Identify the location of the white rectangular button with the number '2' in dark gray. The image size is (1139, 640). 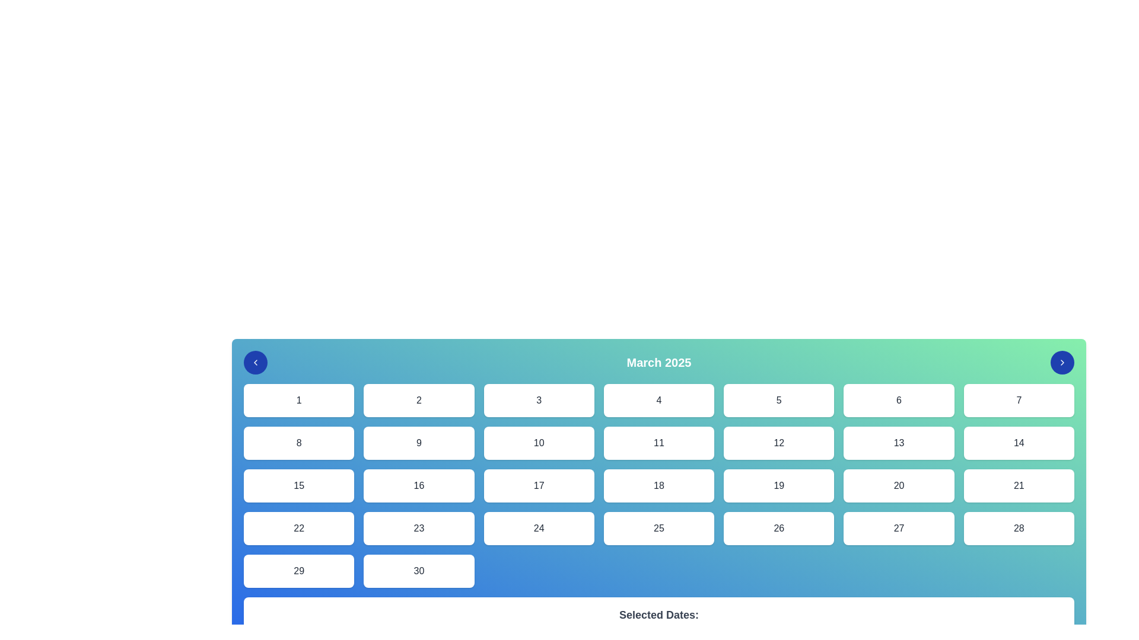
(418, 400).